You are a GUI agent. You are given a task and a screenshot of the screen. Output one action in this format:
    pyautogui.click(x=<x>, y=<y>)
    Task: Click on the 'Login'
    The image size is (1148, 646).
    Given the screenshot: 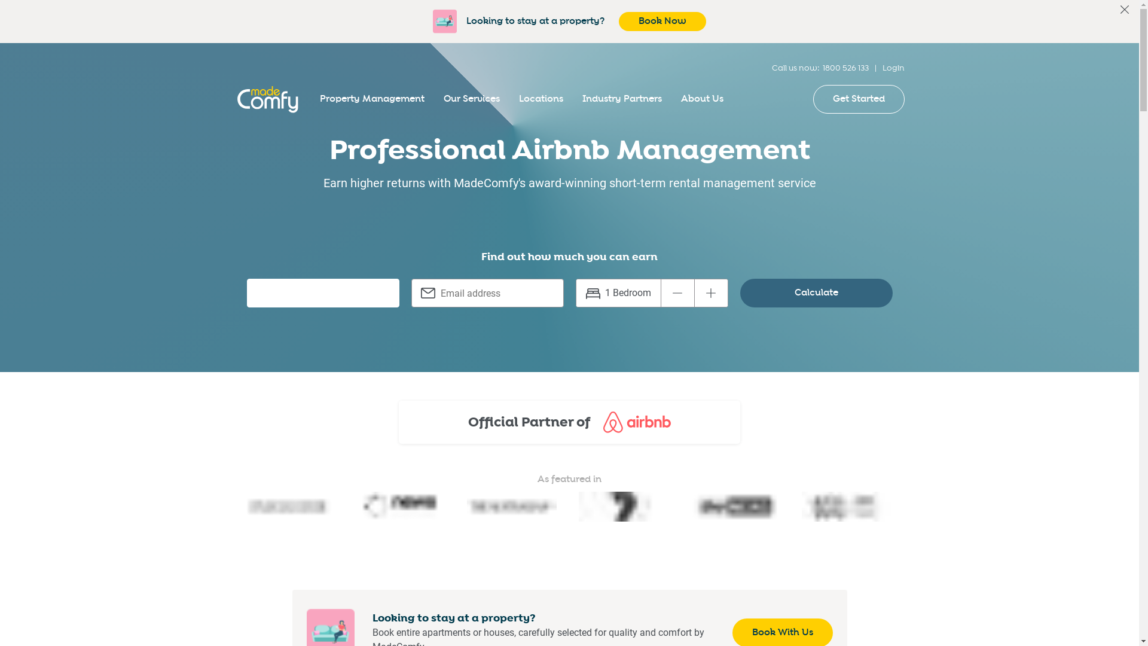 What is the action you would take?
    pyautogui.click(x=893, y=68)
    